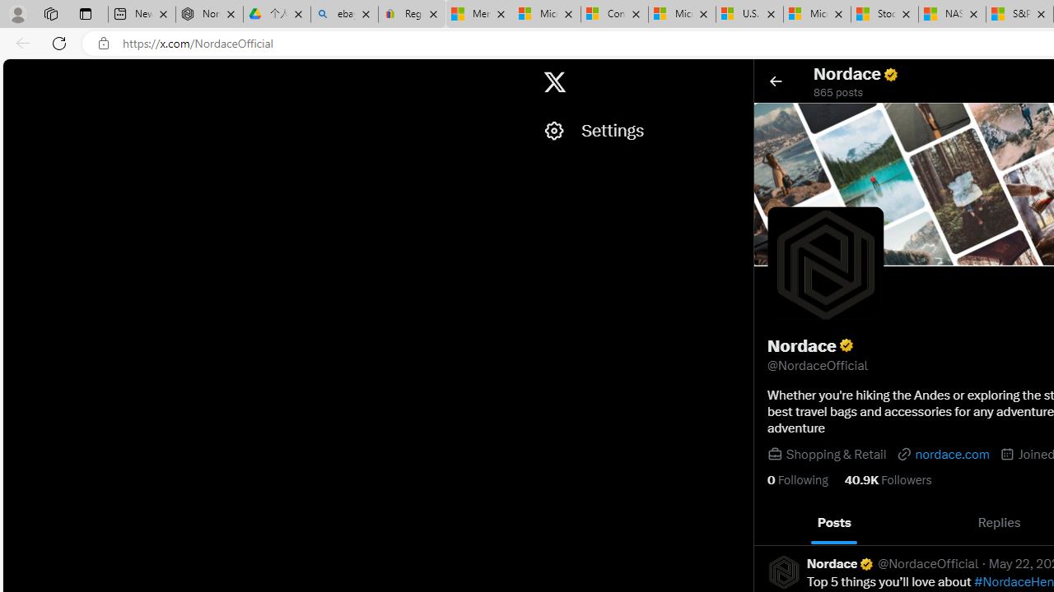 Image resolution: width=1054 pixels, height=592 pixels. I want to click on 'Square profile picture', so click(783, 571).